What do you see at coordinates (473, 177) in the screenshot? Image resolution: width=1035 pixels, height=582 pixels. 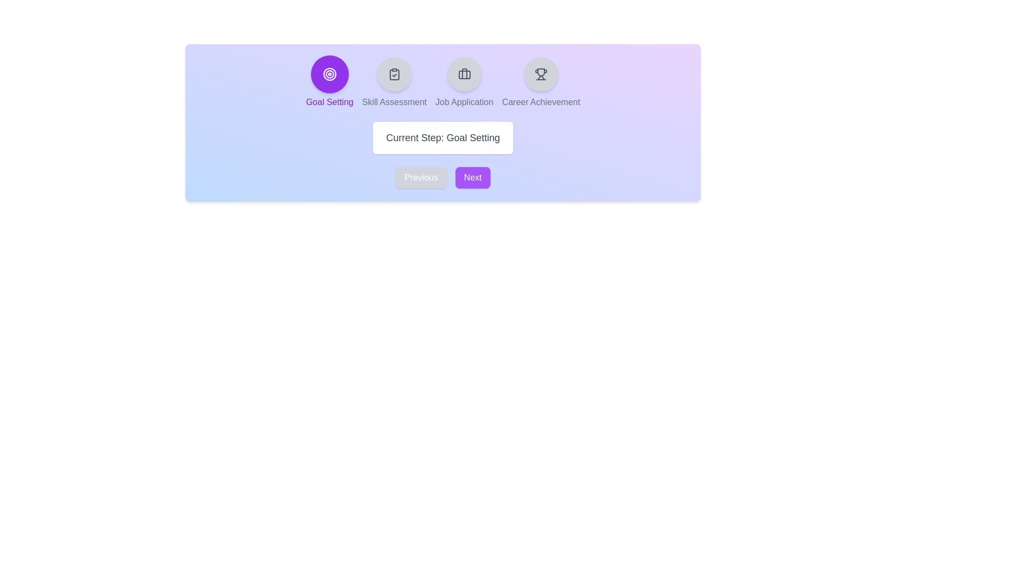 I see `the 'Next' button to navigate to the next step` at bounding box center [473, 177].